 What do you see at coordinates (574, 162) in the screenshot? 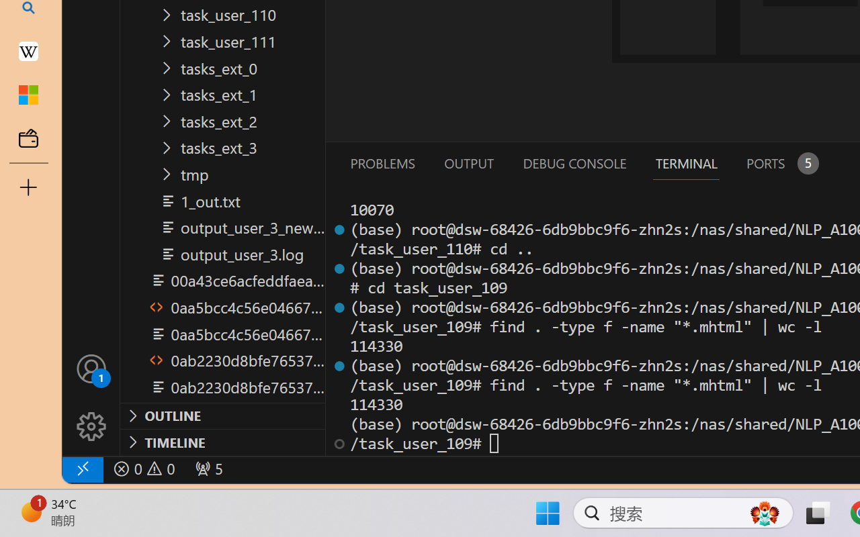
I see `'Debug Console (Ctrl+Shift+Y)'` at bounding box center [574, 162].